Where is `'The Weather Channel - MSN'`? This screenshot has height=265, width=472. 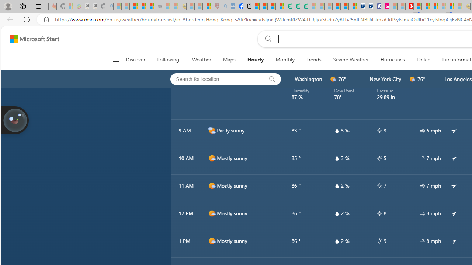
'The Weather Channel - MSN' is located at coordinates (133, 6).